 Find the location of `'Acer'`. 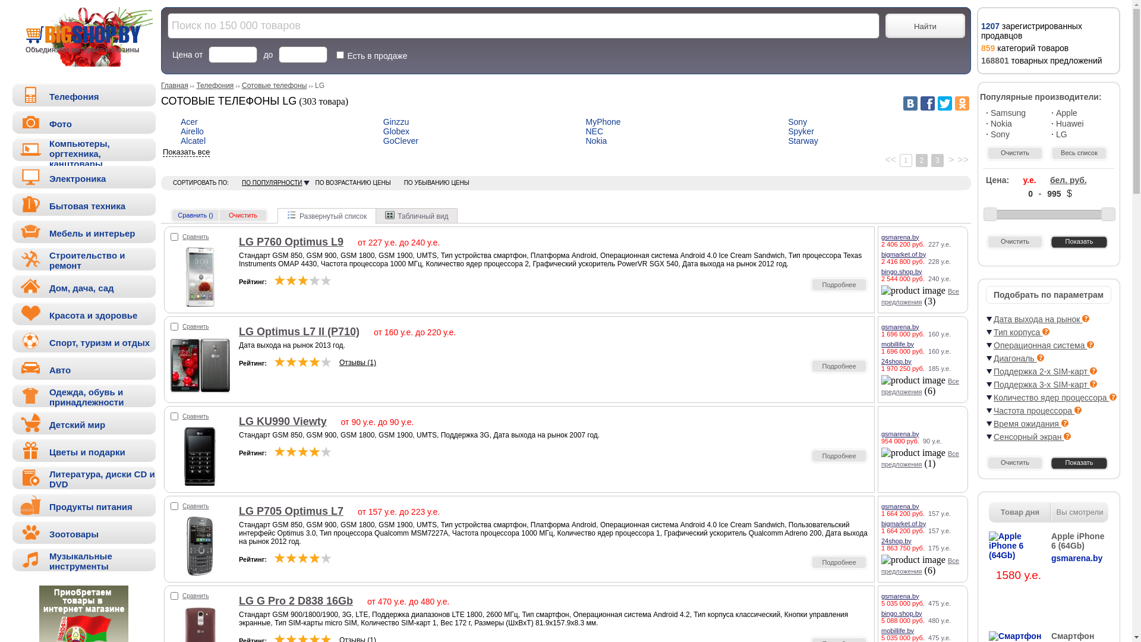

'Acer' is located at coordinates (179, 121).